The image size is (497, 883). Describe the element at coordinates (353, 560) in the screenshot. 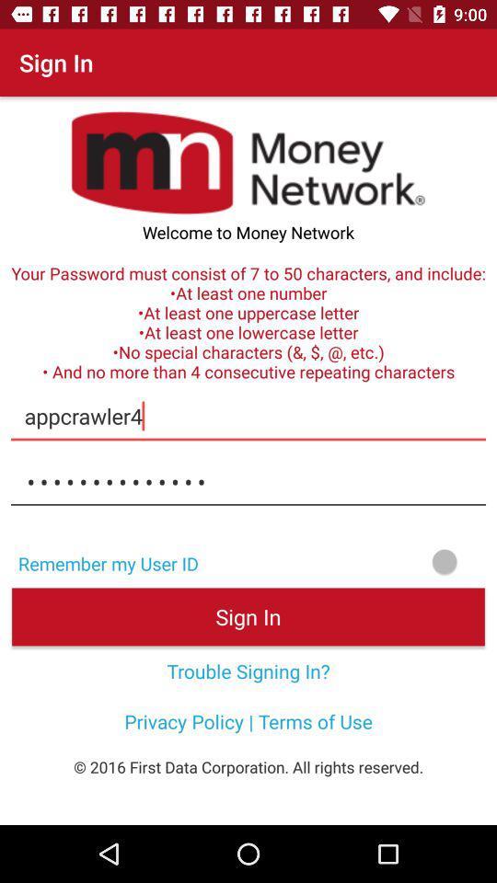

I see `to remember my user id` at that location.